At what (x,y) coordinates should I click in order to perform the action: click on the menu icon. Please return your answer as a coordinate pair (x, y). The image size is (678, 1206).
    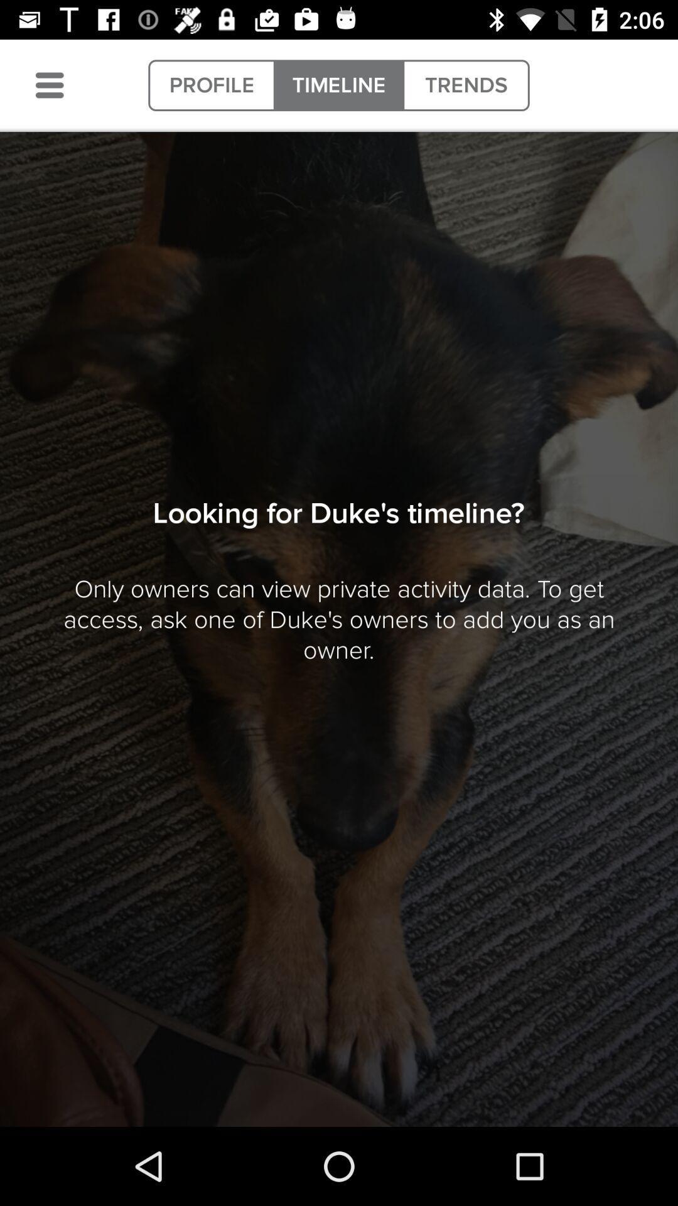
    Looking at the image, I should click on (49, 85).